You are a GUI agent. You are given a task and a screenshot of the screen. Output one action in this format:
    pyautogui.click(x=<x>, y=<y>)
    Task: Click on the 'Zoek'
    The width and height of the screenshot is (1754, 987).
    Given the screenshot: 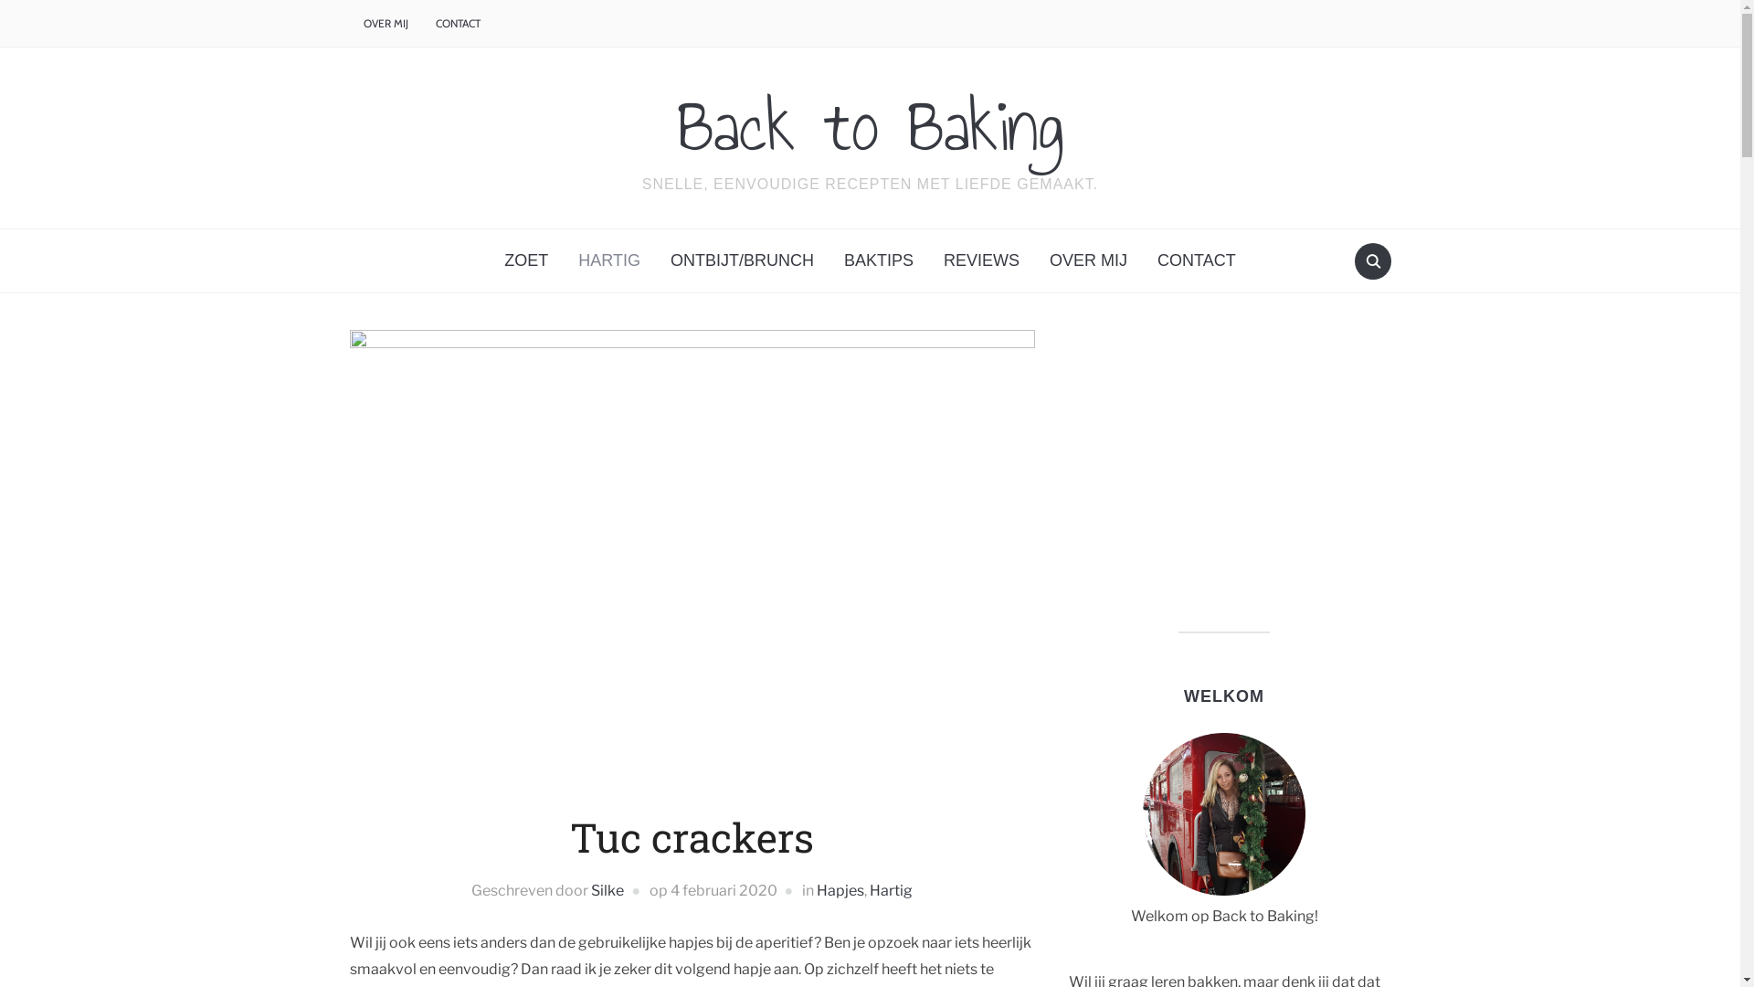 What is the action you would take?
    pyautogui.click(x=1372, y=260)
    